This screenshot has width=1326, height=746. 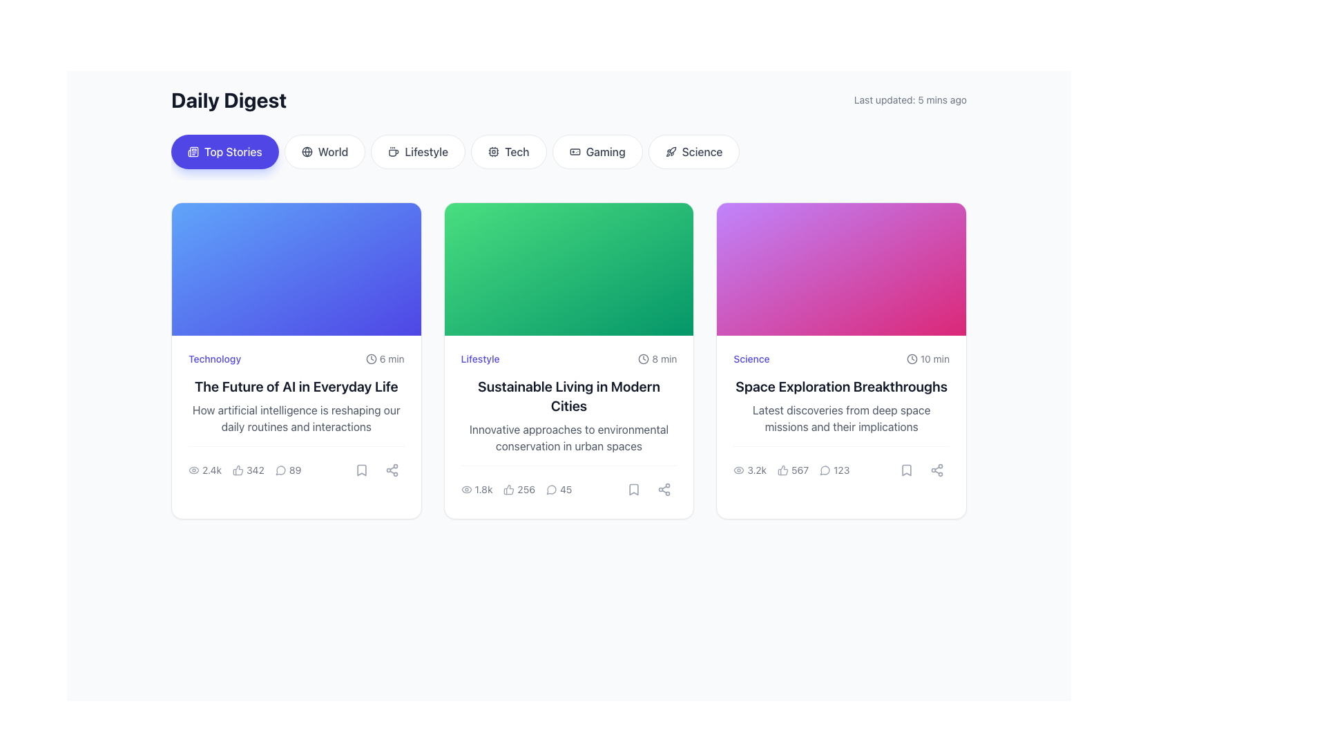 What do you see at coordinates (569, 483) in the screenshot?
I see `the static text element displaying the comment count '45' with a speech bubble icon, located in the card titled 'Sustainable Living in Modern Cities'` at bounding box center [569, 483].